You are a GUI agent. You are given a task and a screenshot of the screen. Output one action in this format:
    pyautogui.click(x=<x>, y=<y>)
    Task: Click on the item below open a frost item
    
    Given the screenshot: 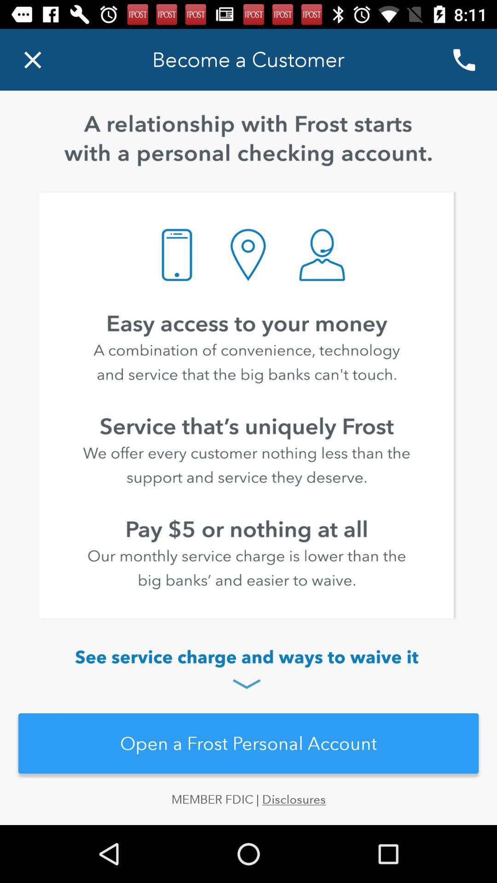 What is the action you would take?
    pyautogui.click(x=248, y=808)
    